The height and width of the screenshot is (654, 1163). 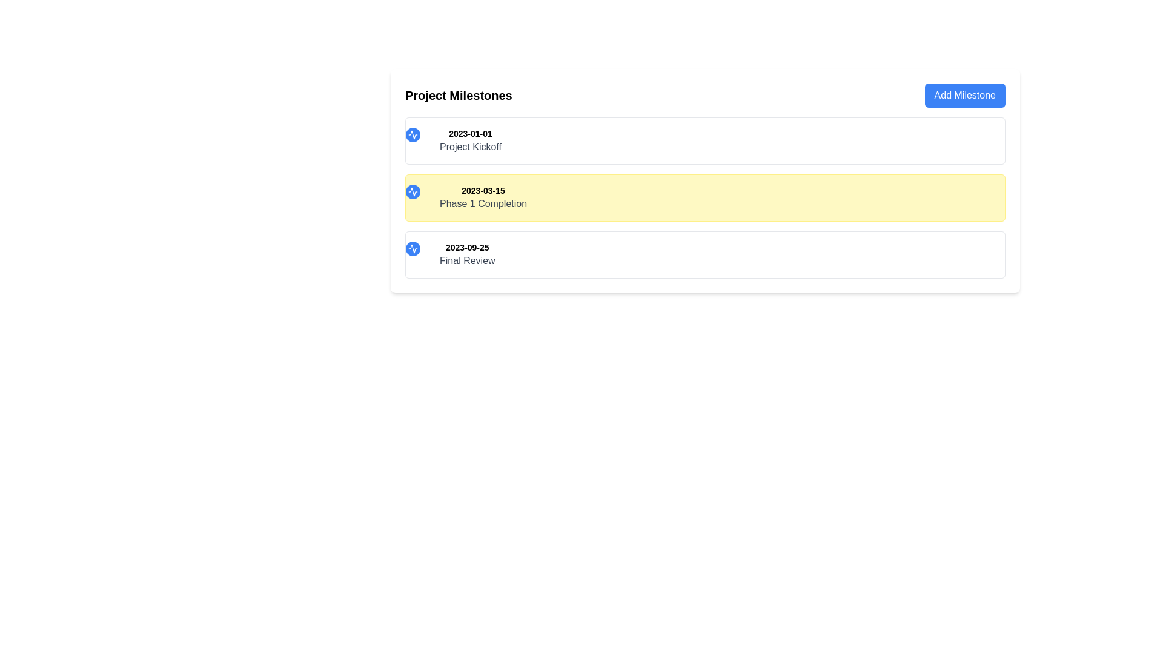 I want to click on the text label that displays 'Final Review', which is located directly beneath the bold date '2023-09-25' in the third milestone block under the 'Project Milestones' heading, so click(x=466, y=260).